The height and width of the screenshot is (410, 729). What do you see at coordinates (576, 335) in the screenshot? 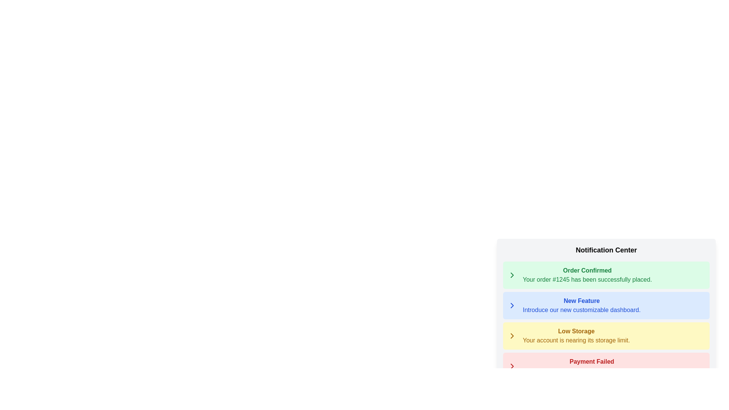
I see `the 'Low Storage' notification item, which is the third notification in the list and has a yellow background with bold text` at bounding box center [576, 335].